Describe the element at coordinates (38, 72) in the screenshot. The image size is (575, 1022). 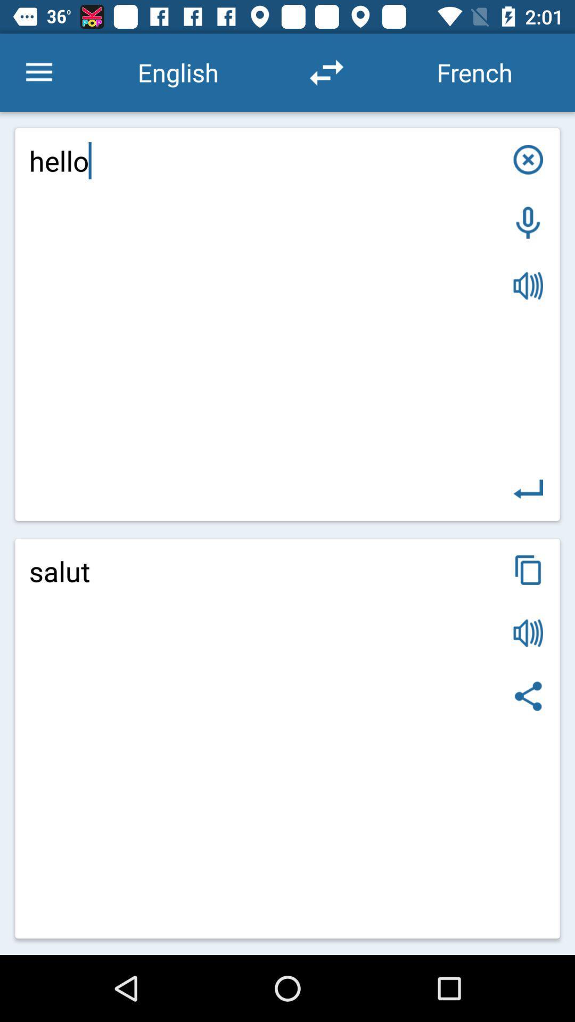
I see `item next to the english icon` at that location.